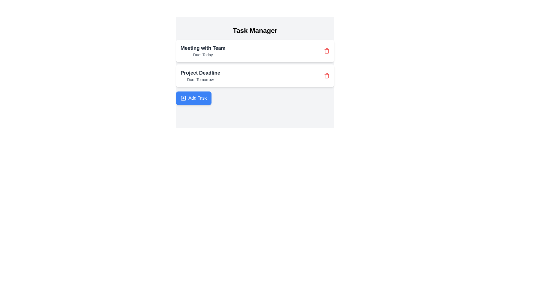 The height and width of the screenshot is (304, 540). I want to click on the second Display Card in the Task Manager, so click(255, 75).